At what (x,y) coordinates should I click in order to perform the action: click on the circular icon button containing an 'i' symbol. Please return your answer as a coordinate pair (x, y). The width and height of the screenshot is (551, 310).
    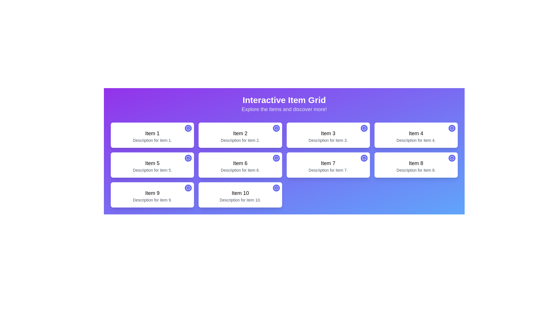
    Looking at the image, I should click on (276, 158).